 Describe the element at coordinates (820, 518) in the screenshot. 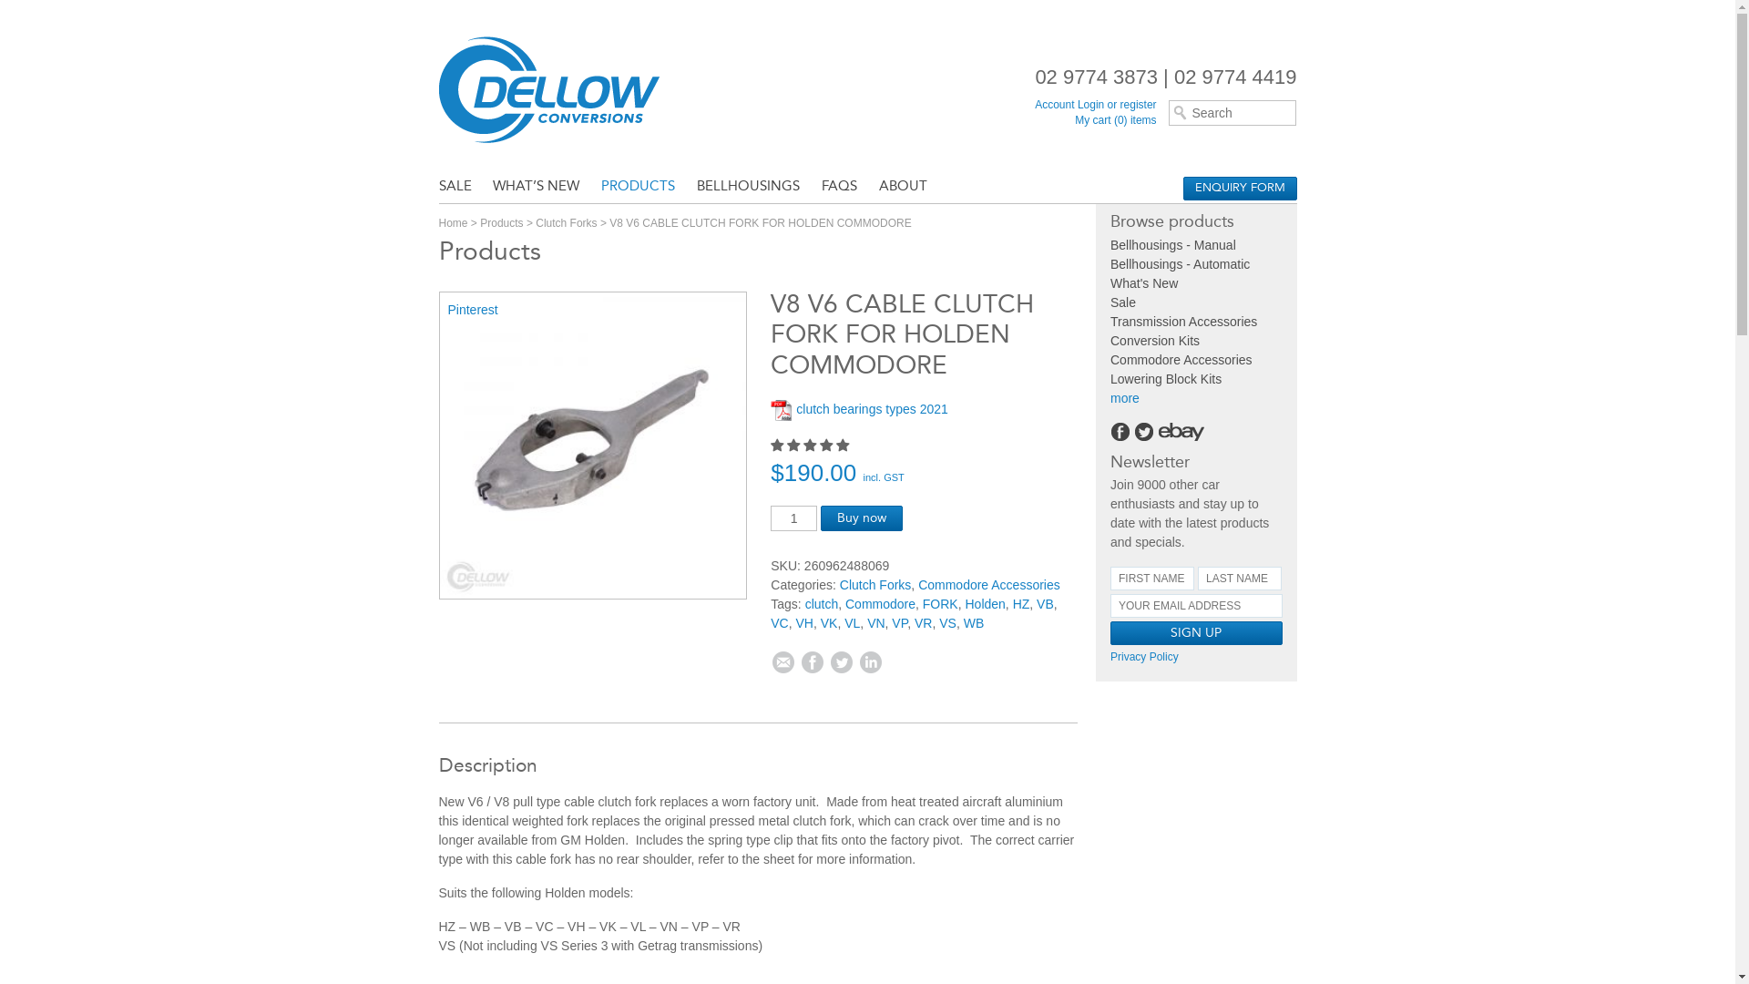

I see `'Buy now'` at that location.